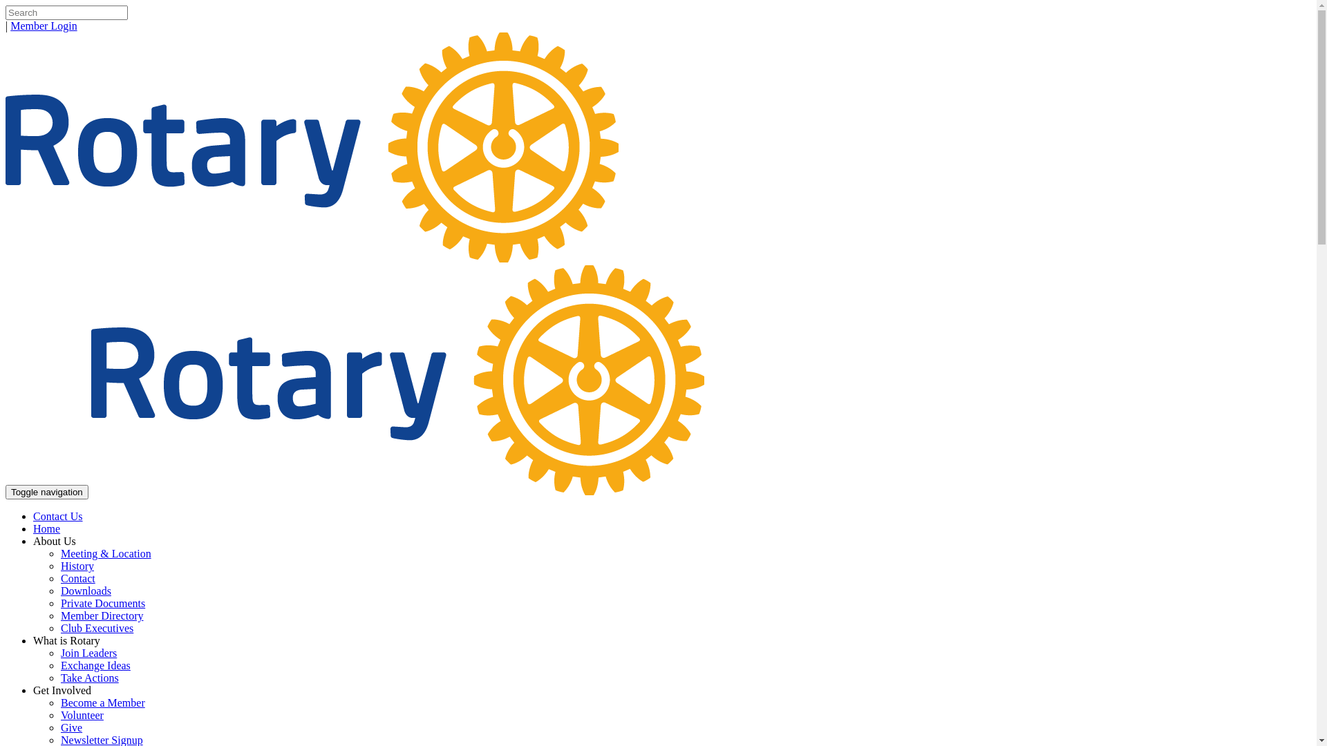 The height and width of the screenshot is (746, 1327). Describe the element at coordinates (76, 566) in the screenshot. I see `'History'` at that location.